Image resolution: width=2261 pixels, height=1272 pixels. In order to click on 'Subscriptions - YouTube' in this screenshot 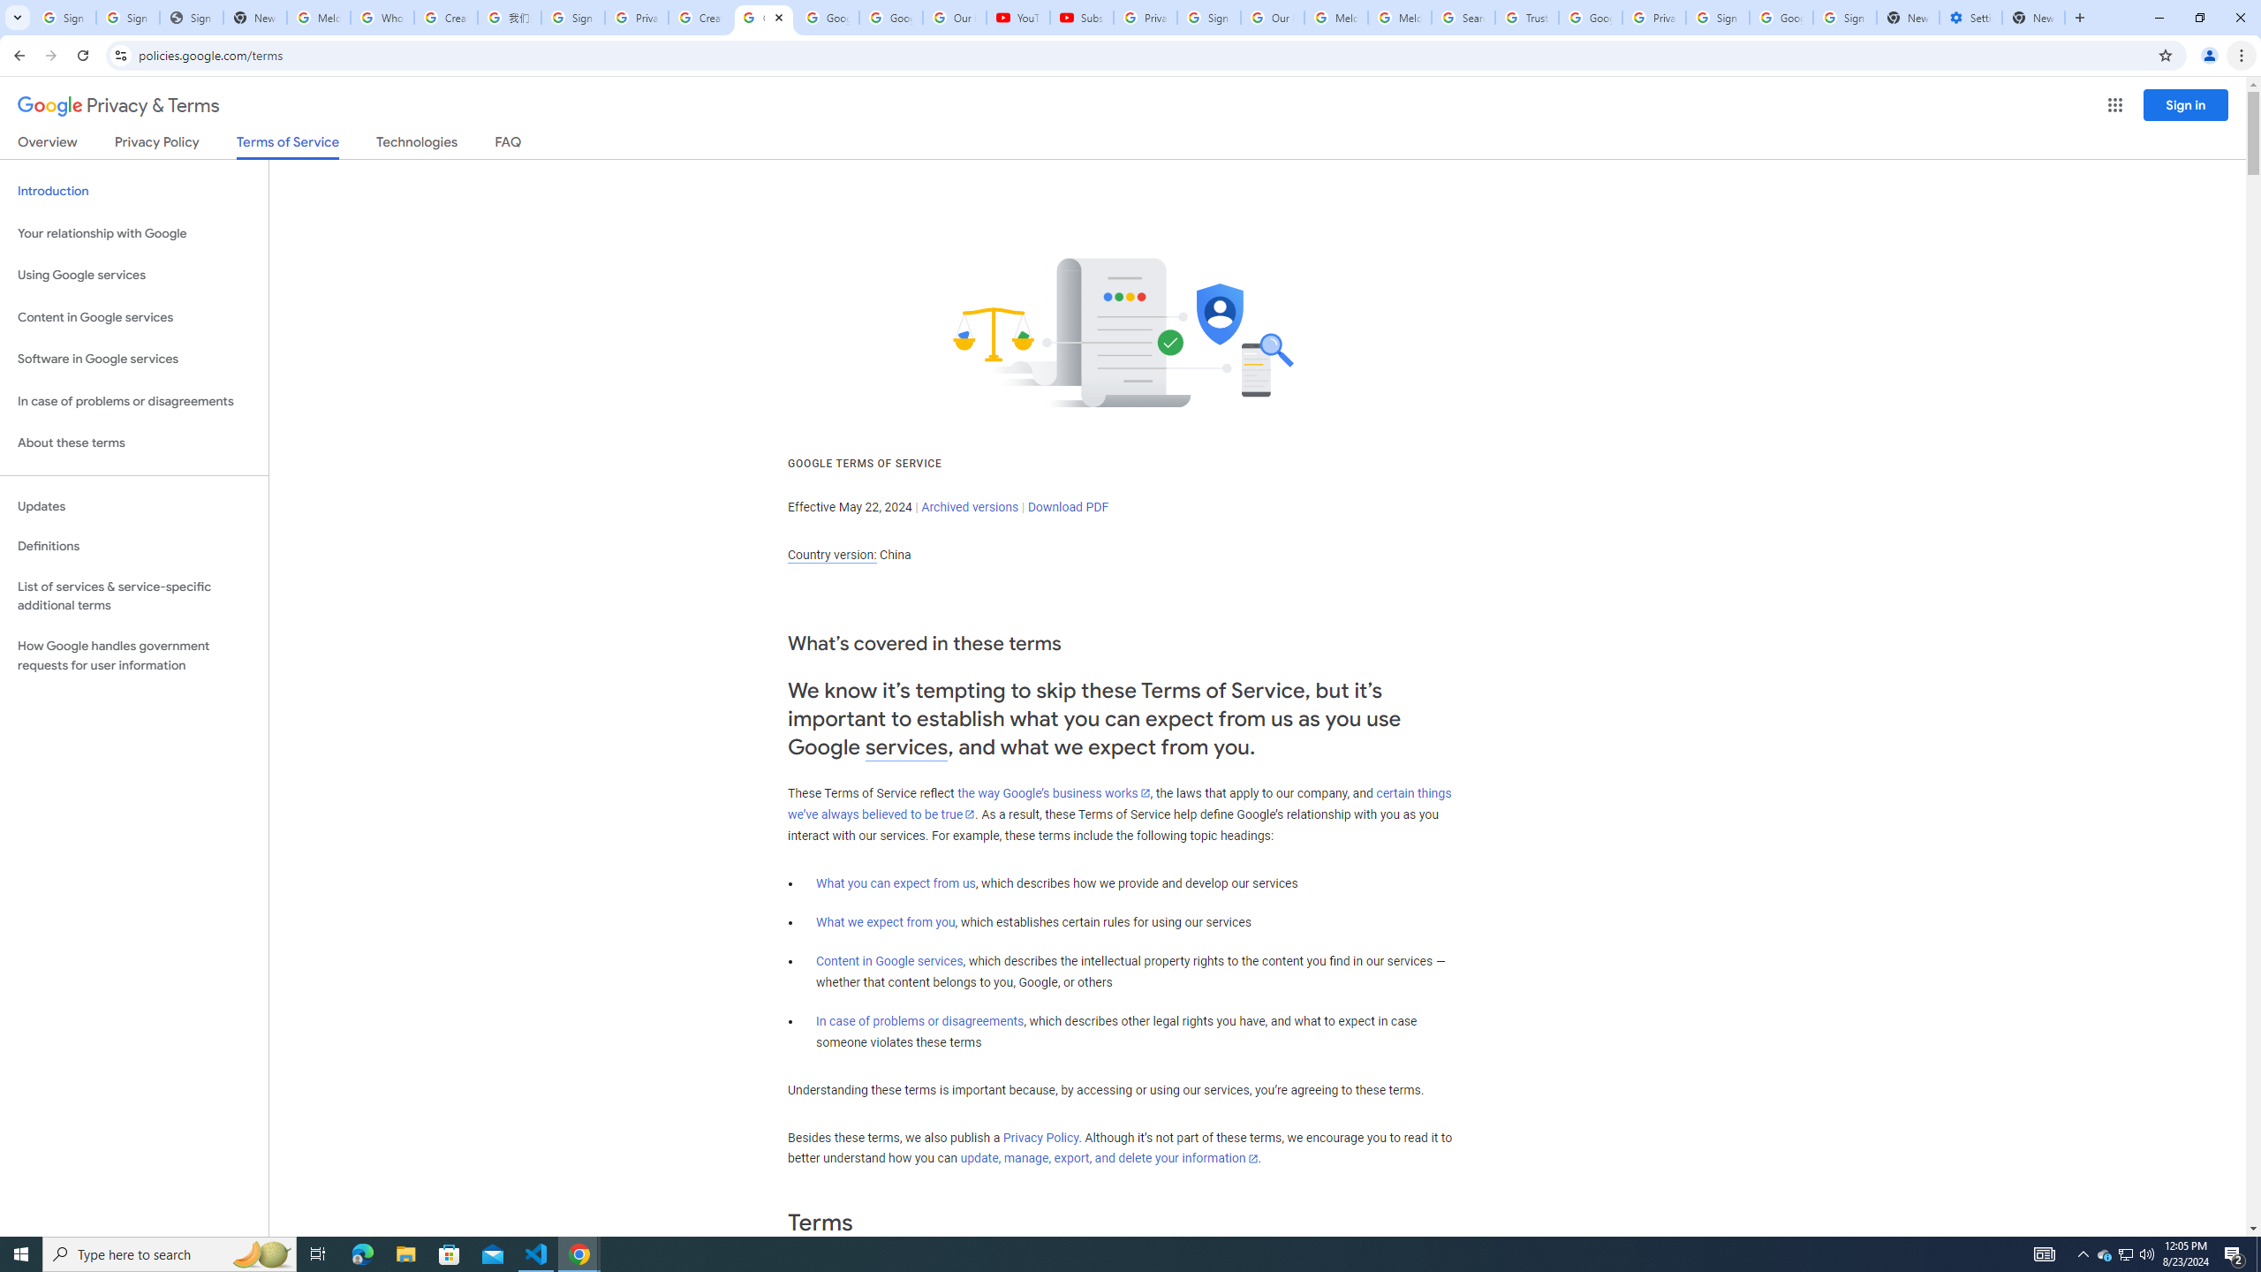, I will do `click(1080, 17)`.